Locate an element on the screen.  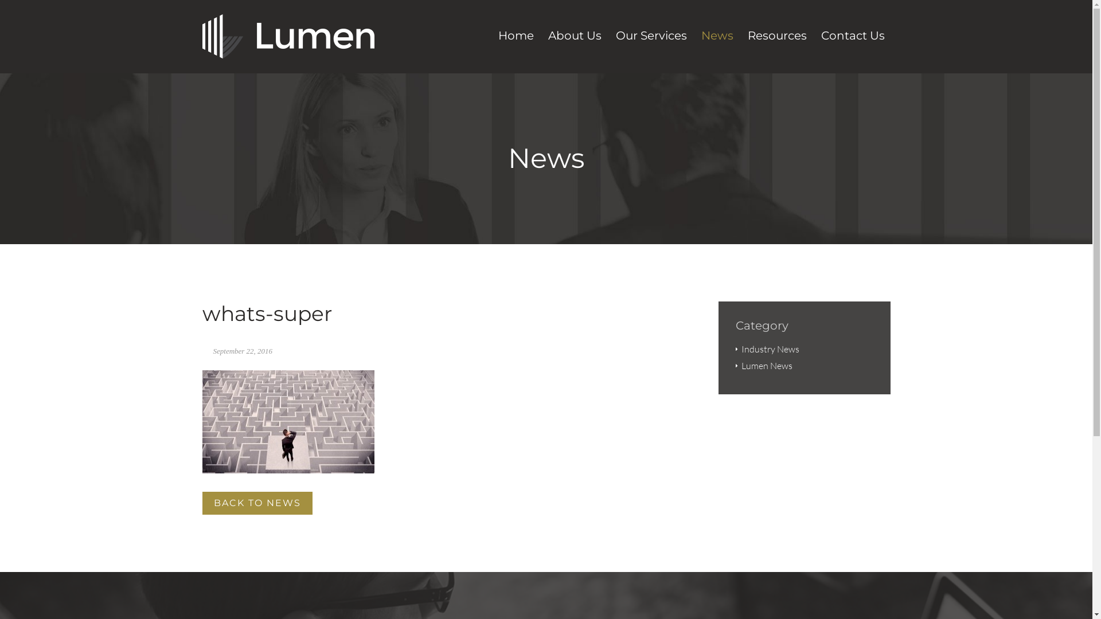
'Home' is located at coordinates (514, 37).